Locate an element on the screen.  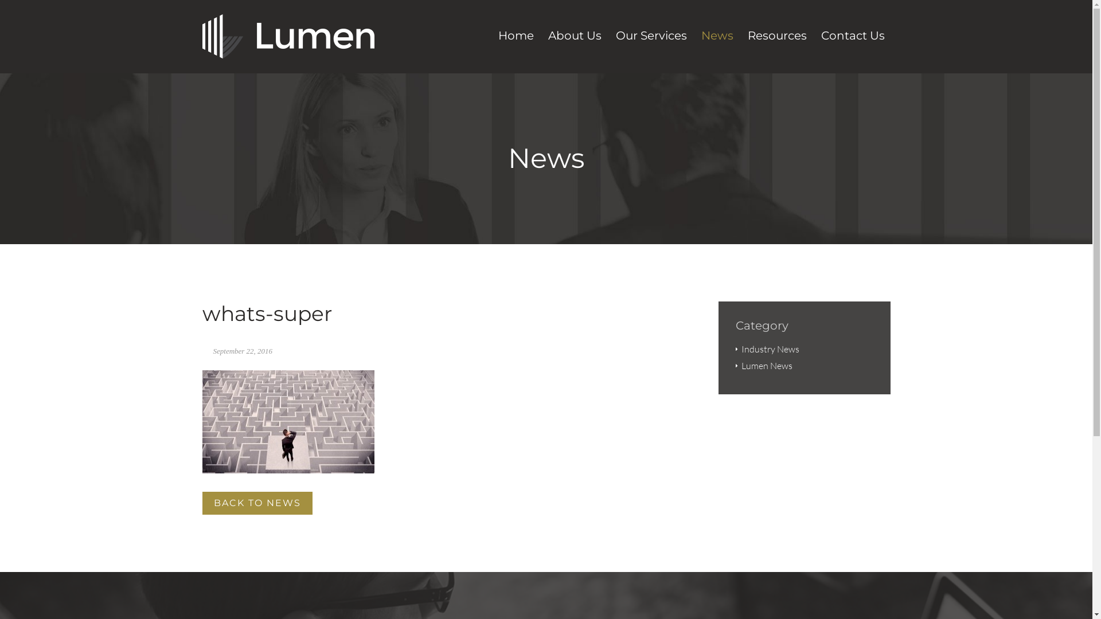
'Home' is located at coordinates (514, 37).